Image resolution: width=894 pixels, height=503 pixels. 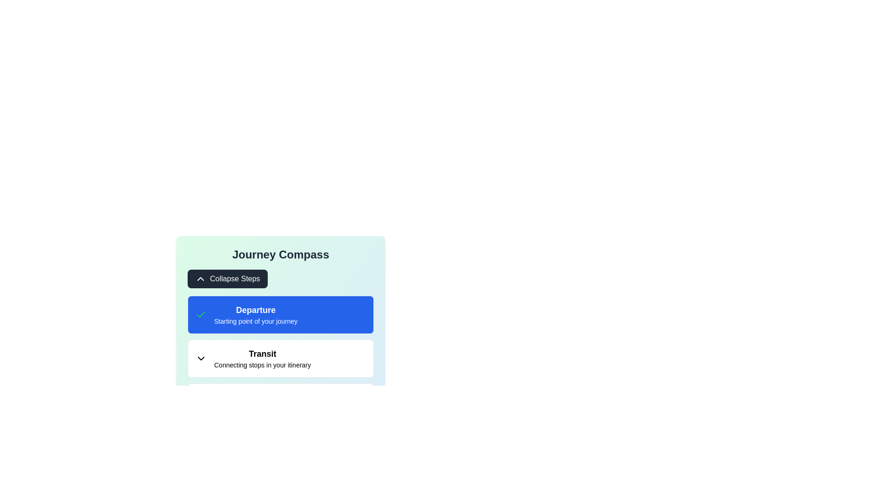 What do you see at coordinates (227, 278) in the screenshot?
I see `the 'Collapse Steps' button` at bounding box center [227, 278].